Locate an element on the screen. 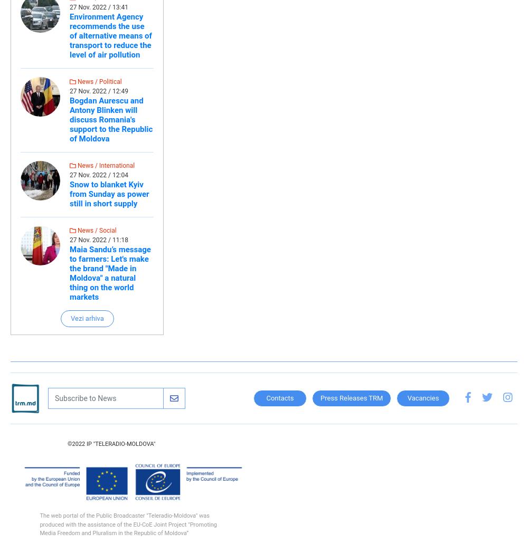 This screenshot has width=528, height=553. 'Vezi arhiva' is located at coordinates (87, 318).